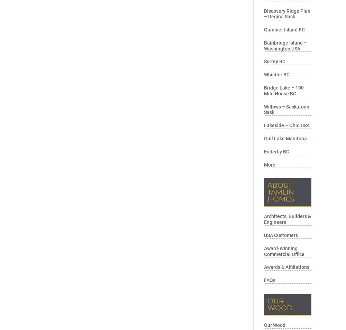 The image size is (346, 330). What do you see at coordinates (285, 138) in the screenshot?
I see `'Gull Lake Manitoba'` at bounding box center [285, 138].